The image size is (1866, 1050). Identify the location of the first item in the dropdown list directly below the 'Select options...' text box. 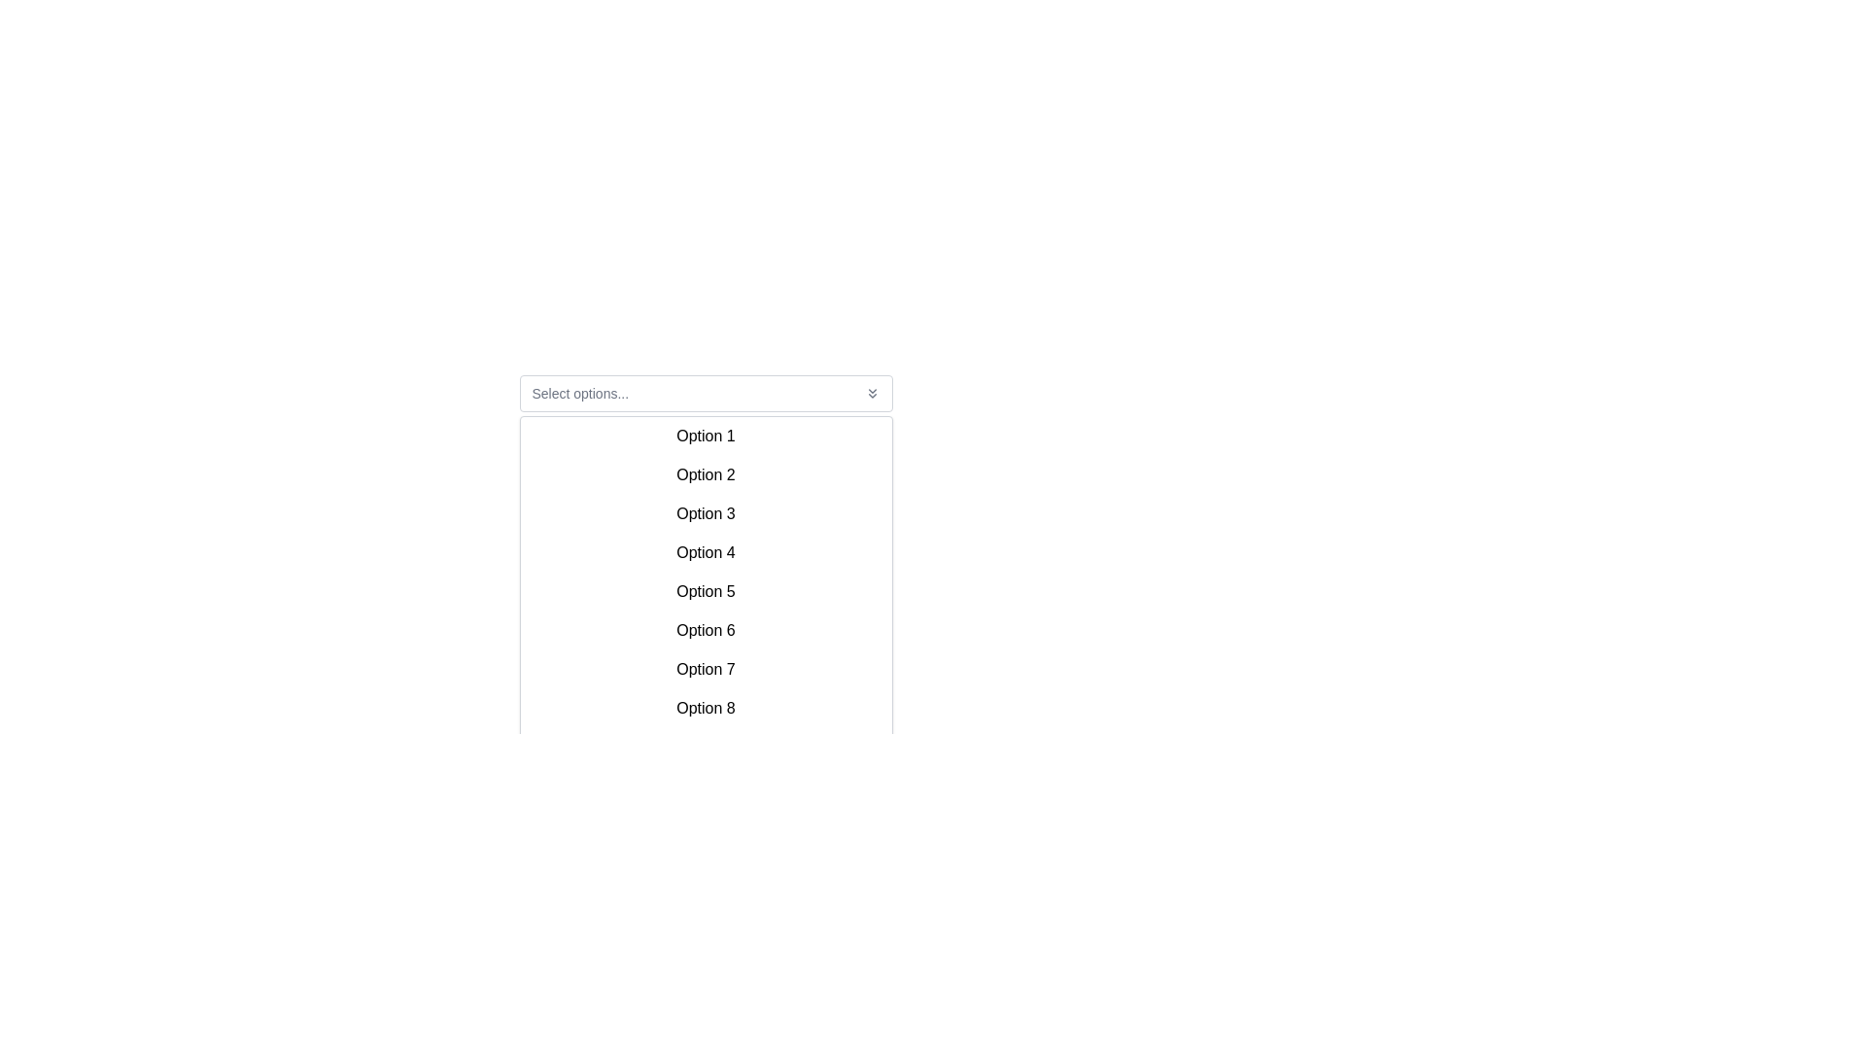
(705, 435).